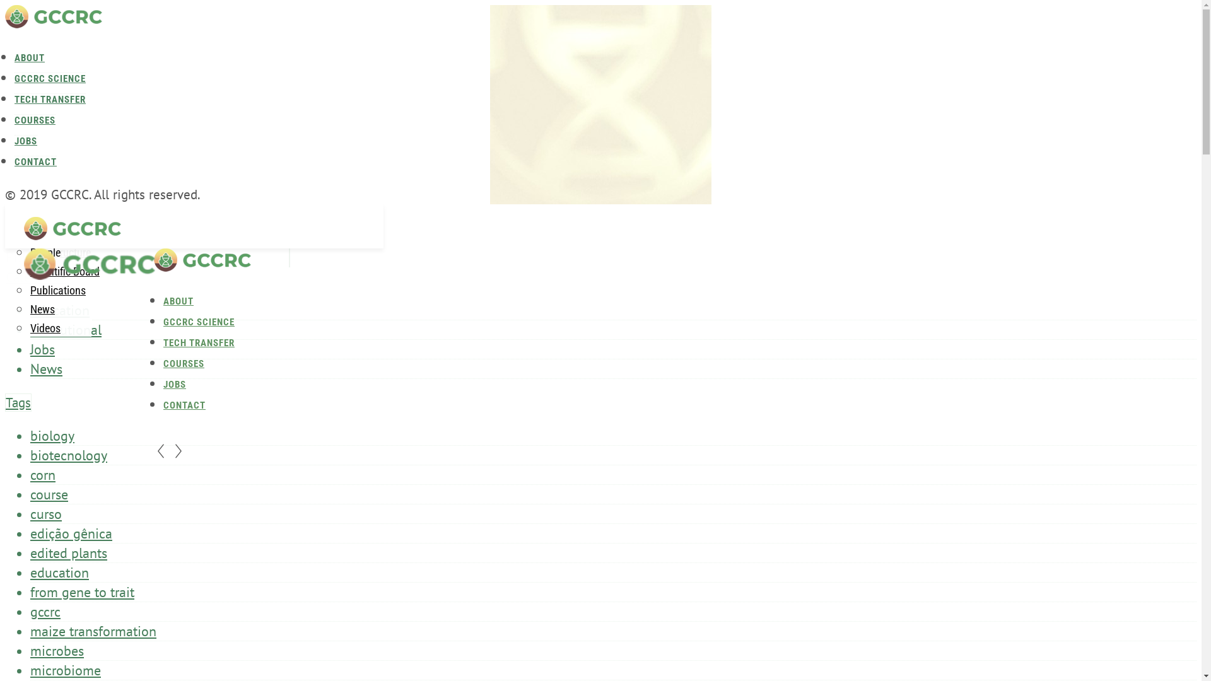 The width and height of the screenshot is (1211, 681). What do you see at coordinates (30, 572) in the screenshot?
I see `'education'` at bounding box center [30, 572].